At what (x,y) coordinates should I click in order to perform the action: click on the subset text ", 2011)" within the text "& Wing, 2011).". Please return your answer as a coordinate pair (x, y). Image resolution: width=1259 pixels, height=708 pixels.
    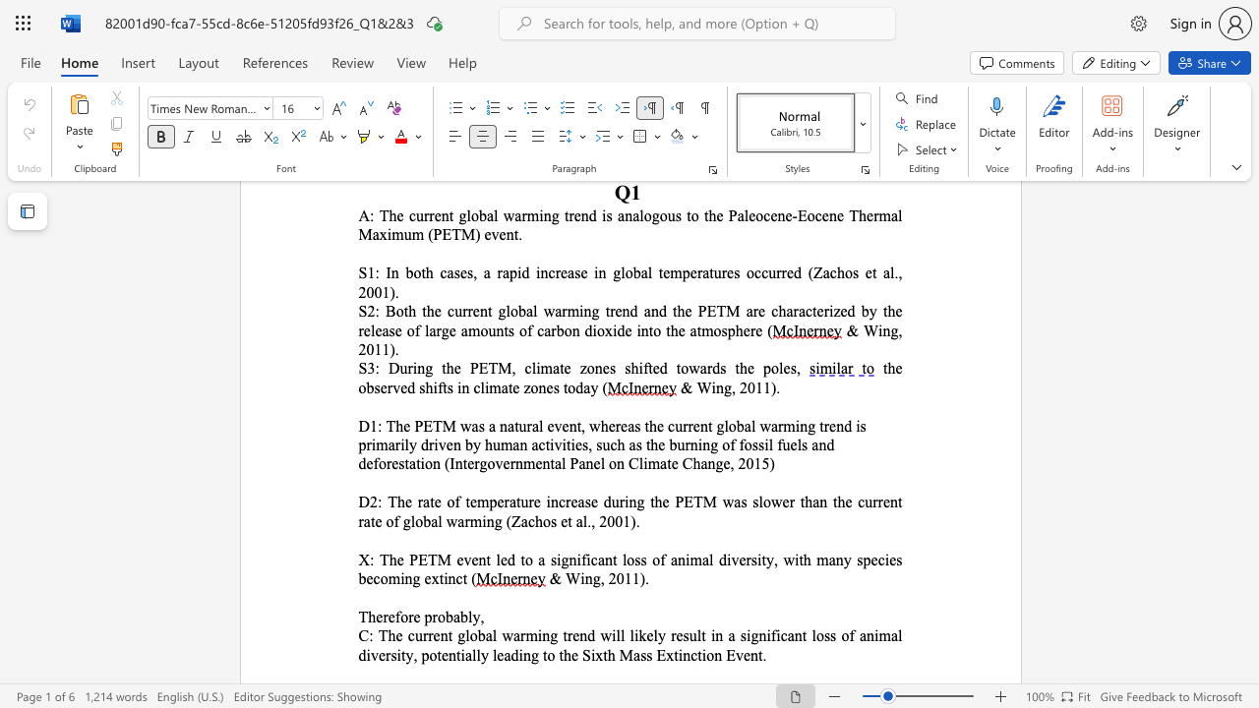
    Looking at the image, I should click on (897, 329).